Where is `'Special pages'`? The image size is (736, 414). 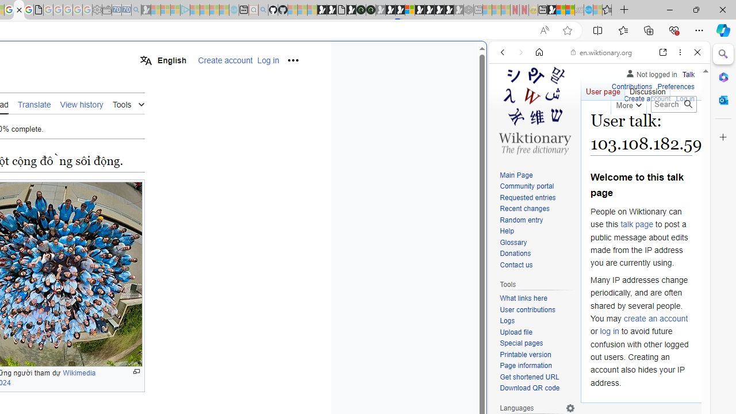
'Special pages' is located at coordinates (520, 343).